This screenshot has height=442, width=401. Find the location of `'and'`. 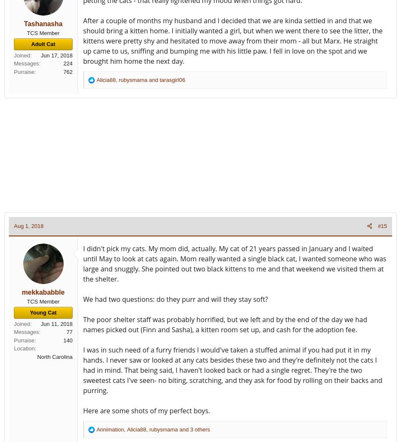

'and' is located at coordinates (153, 79).